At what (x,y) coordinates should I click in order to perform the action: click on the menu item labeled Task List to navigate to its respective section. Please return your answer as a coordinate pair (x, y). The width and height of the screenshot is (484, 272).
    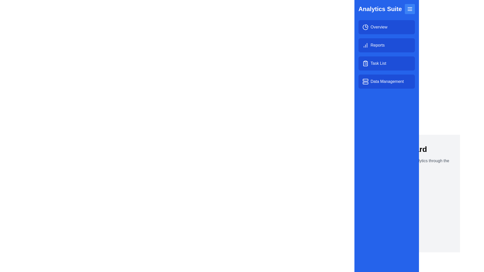
    Looking at the image, I should click on (386, 63).